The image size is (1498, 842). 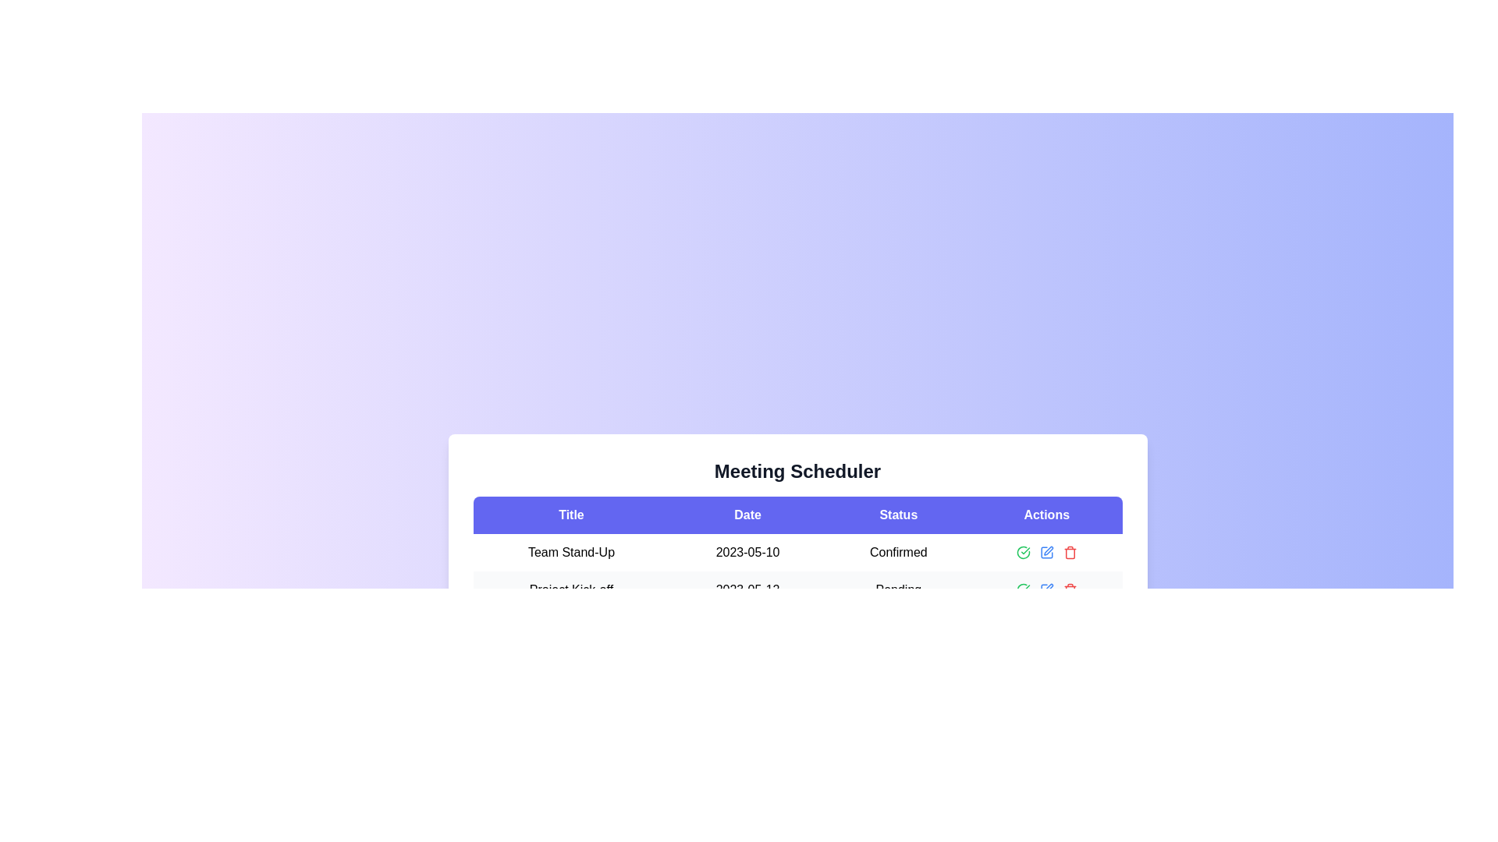 I want to click on the 'Actions' column header in the table, which is the fourth tab in a horizontal row of headers located at the top-right portion of the table, so click(x=1046, y=515).